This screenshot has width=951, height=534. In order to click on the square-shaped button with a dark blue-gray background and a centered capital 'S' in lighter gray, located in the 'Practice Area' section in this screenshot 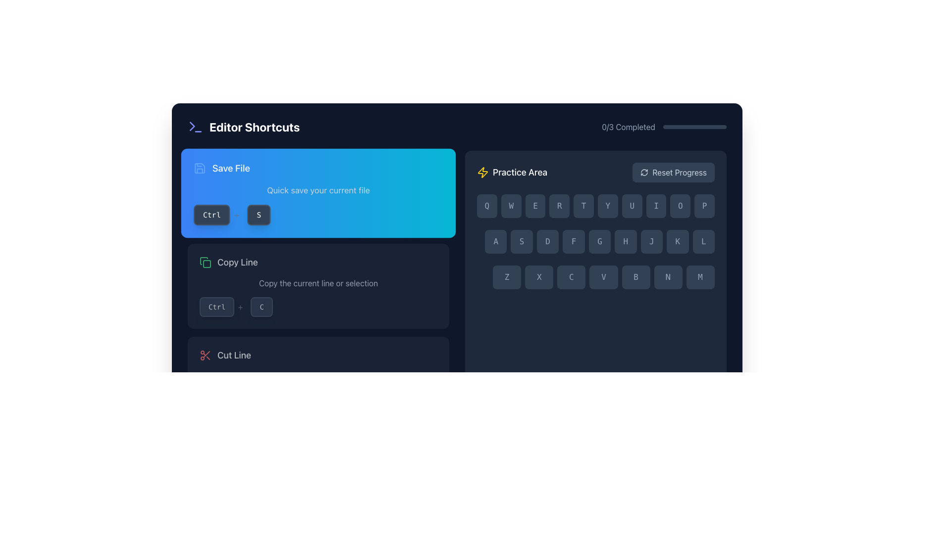, I will do `click(521, 242)`.